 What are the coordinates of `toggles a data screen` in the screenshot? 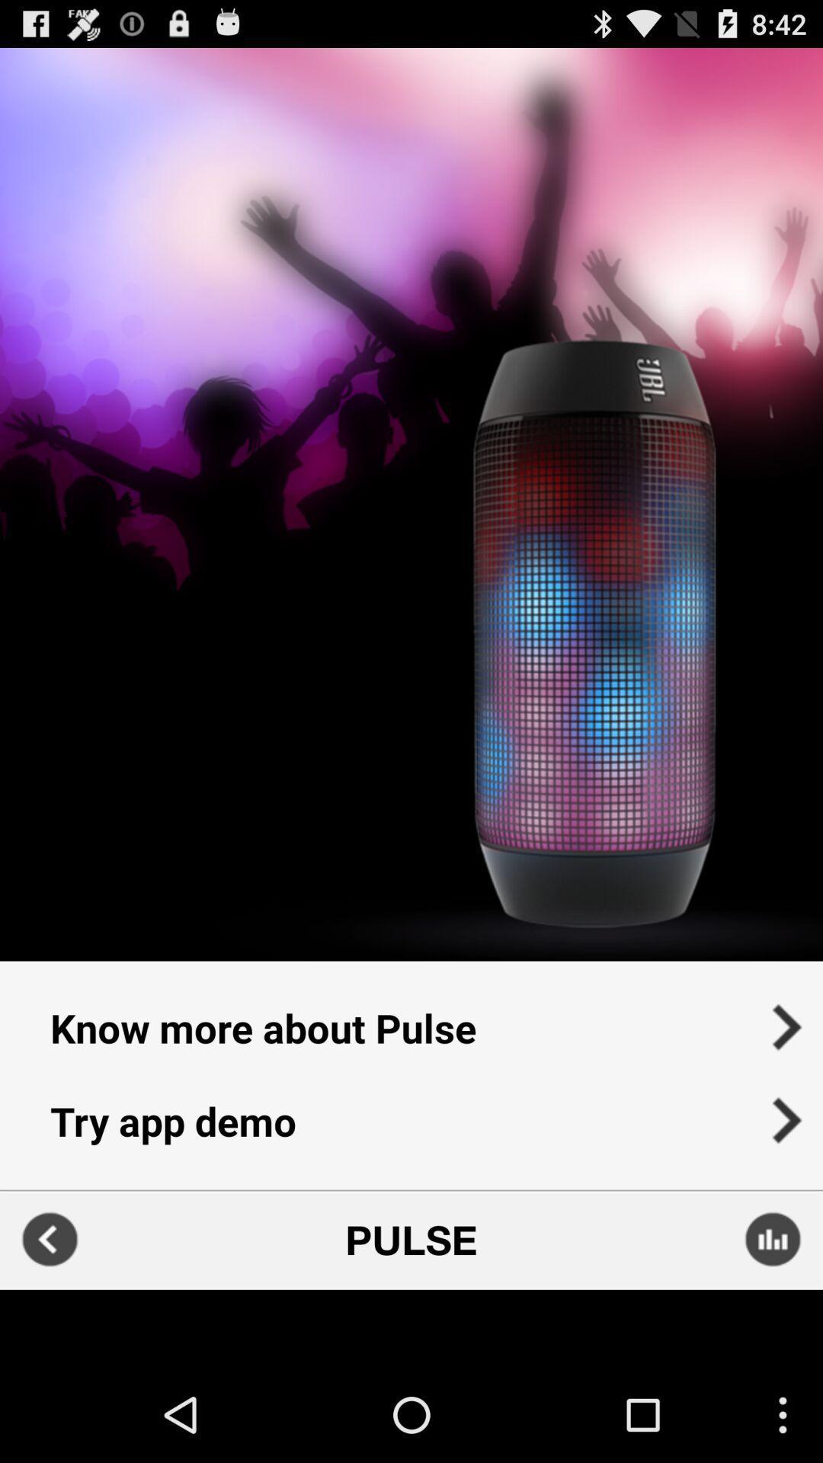 It's located at (773, 1240).